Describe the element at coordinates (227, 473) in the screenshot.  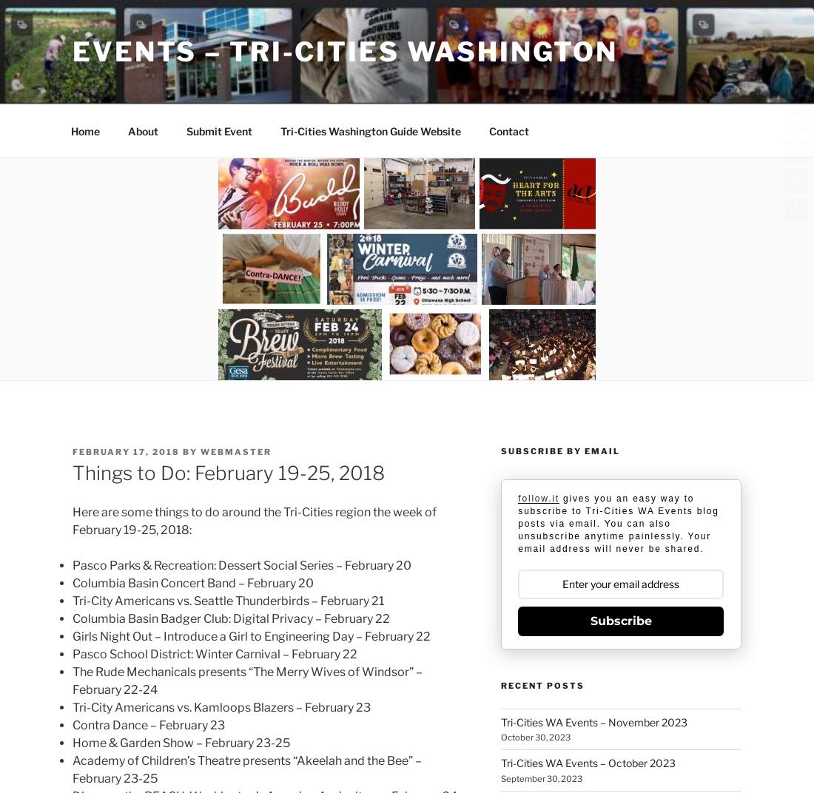
I see `'Things to Do: February 19-25, 2018'` at that location.